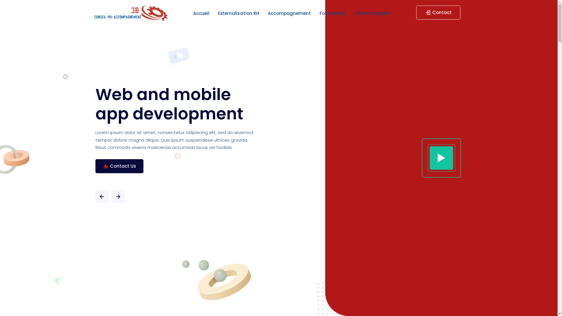 The width and height of the screenshot is (562, 316). What do you see at coordinates (239, 13) in the screenshot?
I see `'Externalisation RH'` at bounding box center [239, 13].